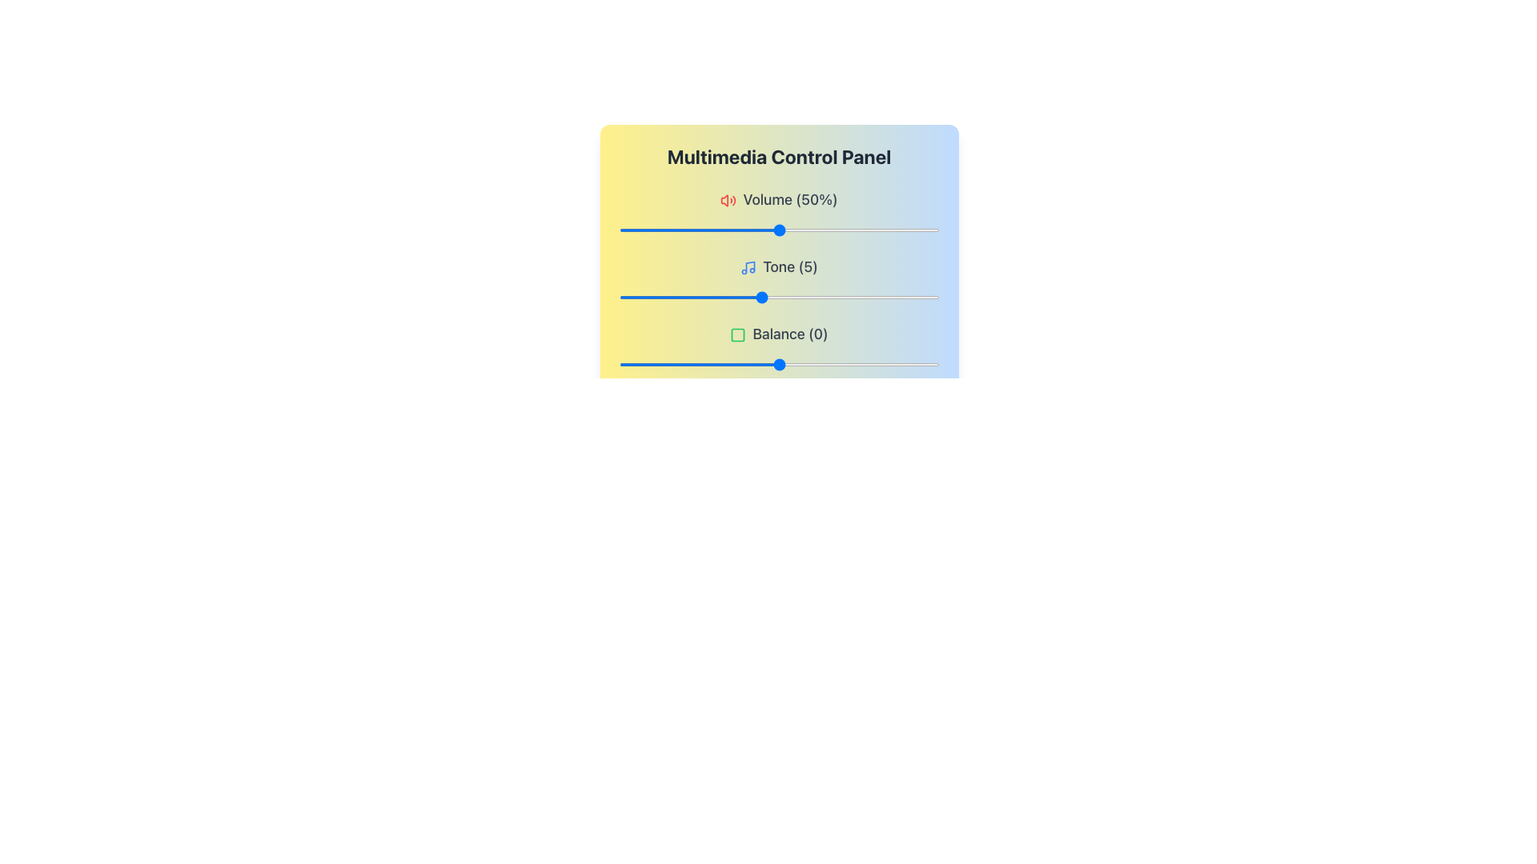  Describe the element at coordinates (728, 200) in the screenshot. I see `the volume icon located to the far left of the 'Volume (50%)' text in the multimedia control panel interface` at that location.